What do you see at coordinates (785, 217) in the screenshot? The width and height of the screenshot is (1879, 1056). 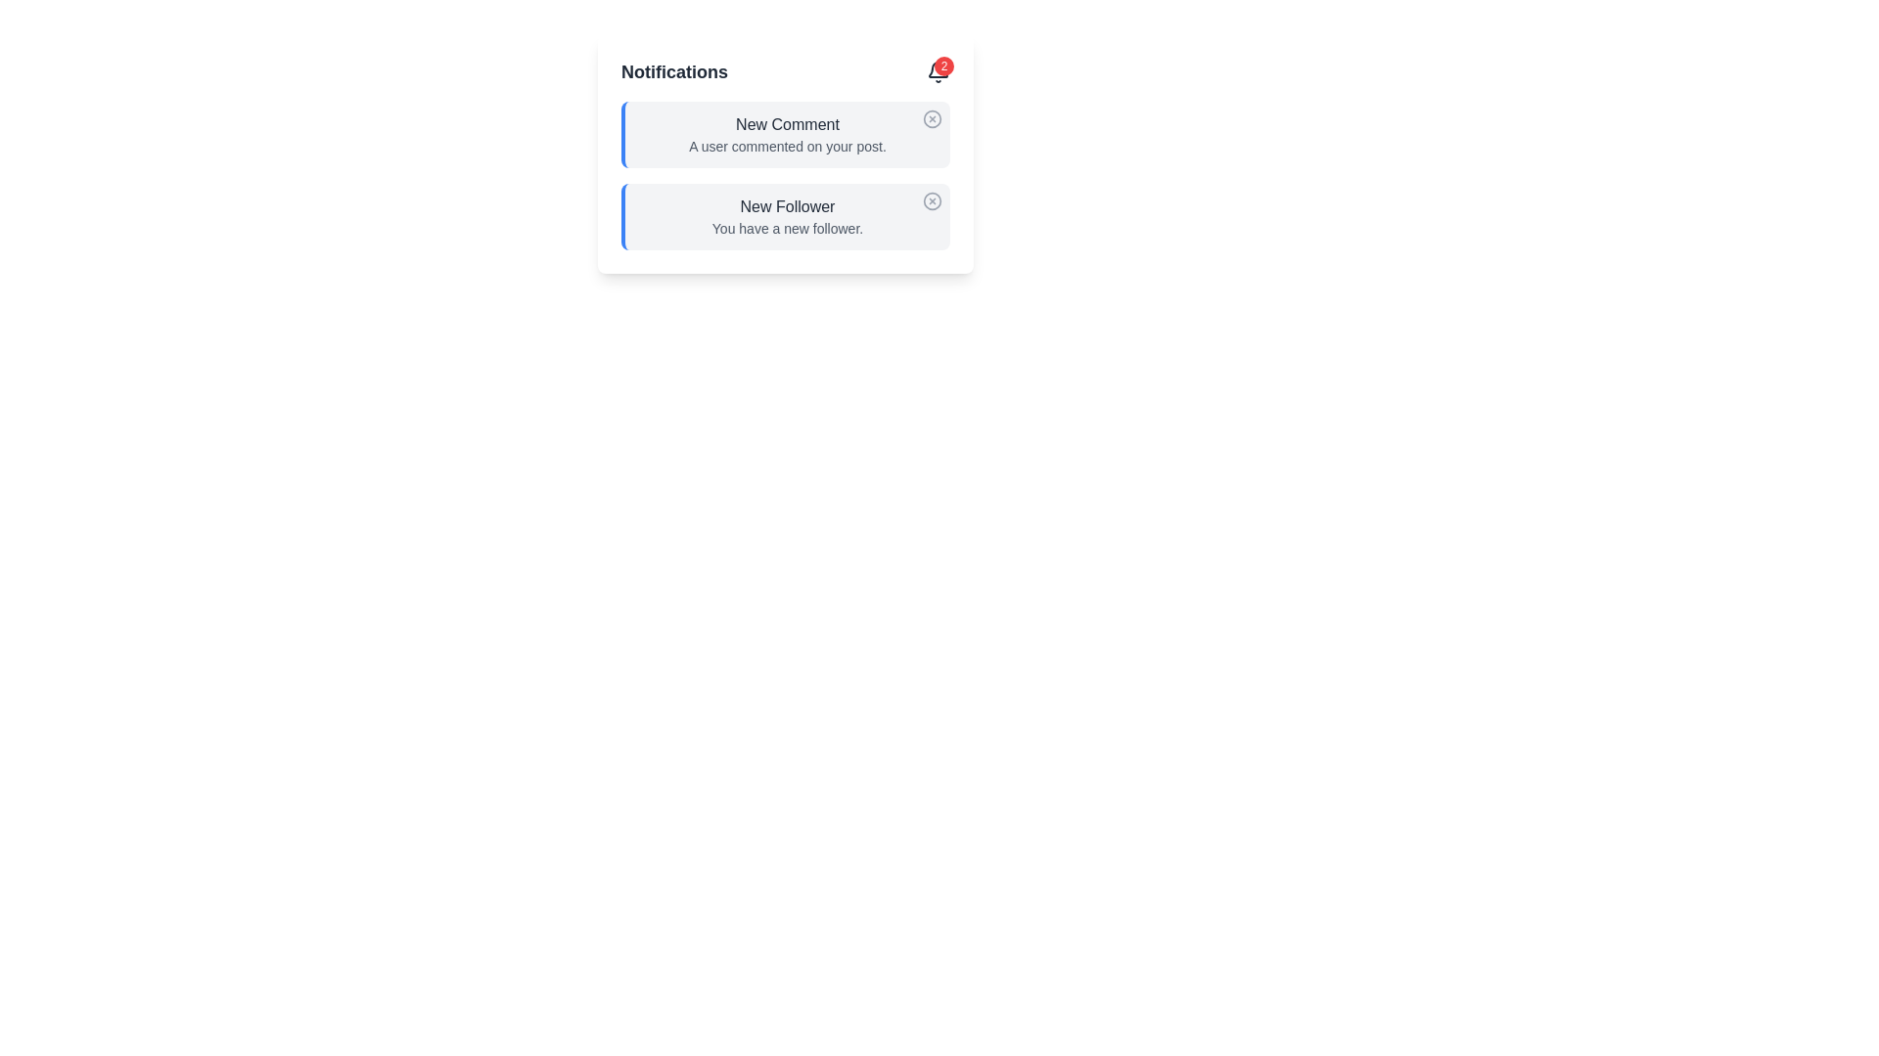 I see `the notification box with a light gray background and a blue left border that contains the header 'New Follower' and the message 'You have a new follower.'` at bounding box center [785, 217].